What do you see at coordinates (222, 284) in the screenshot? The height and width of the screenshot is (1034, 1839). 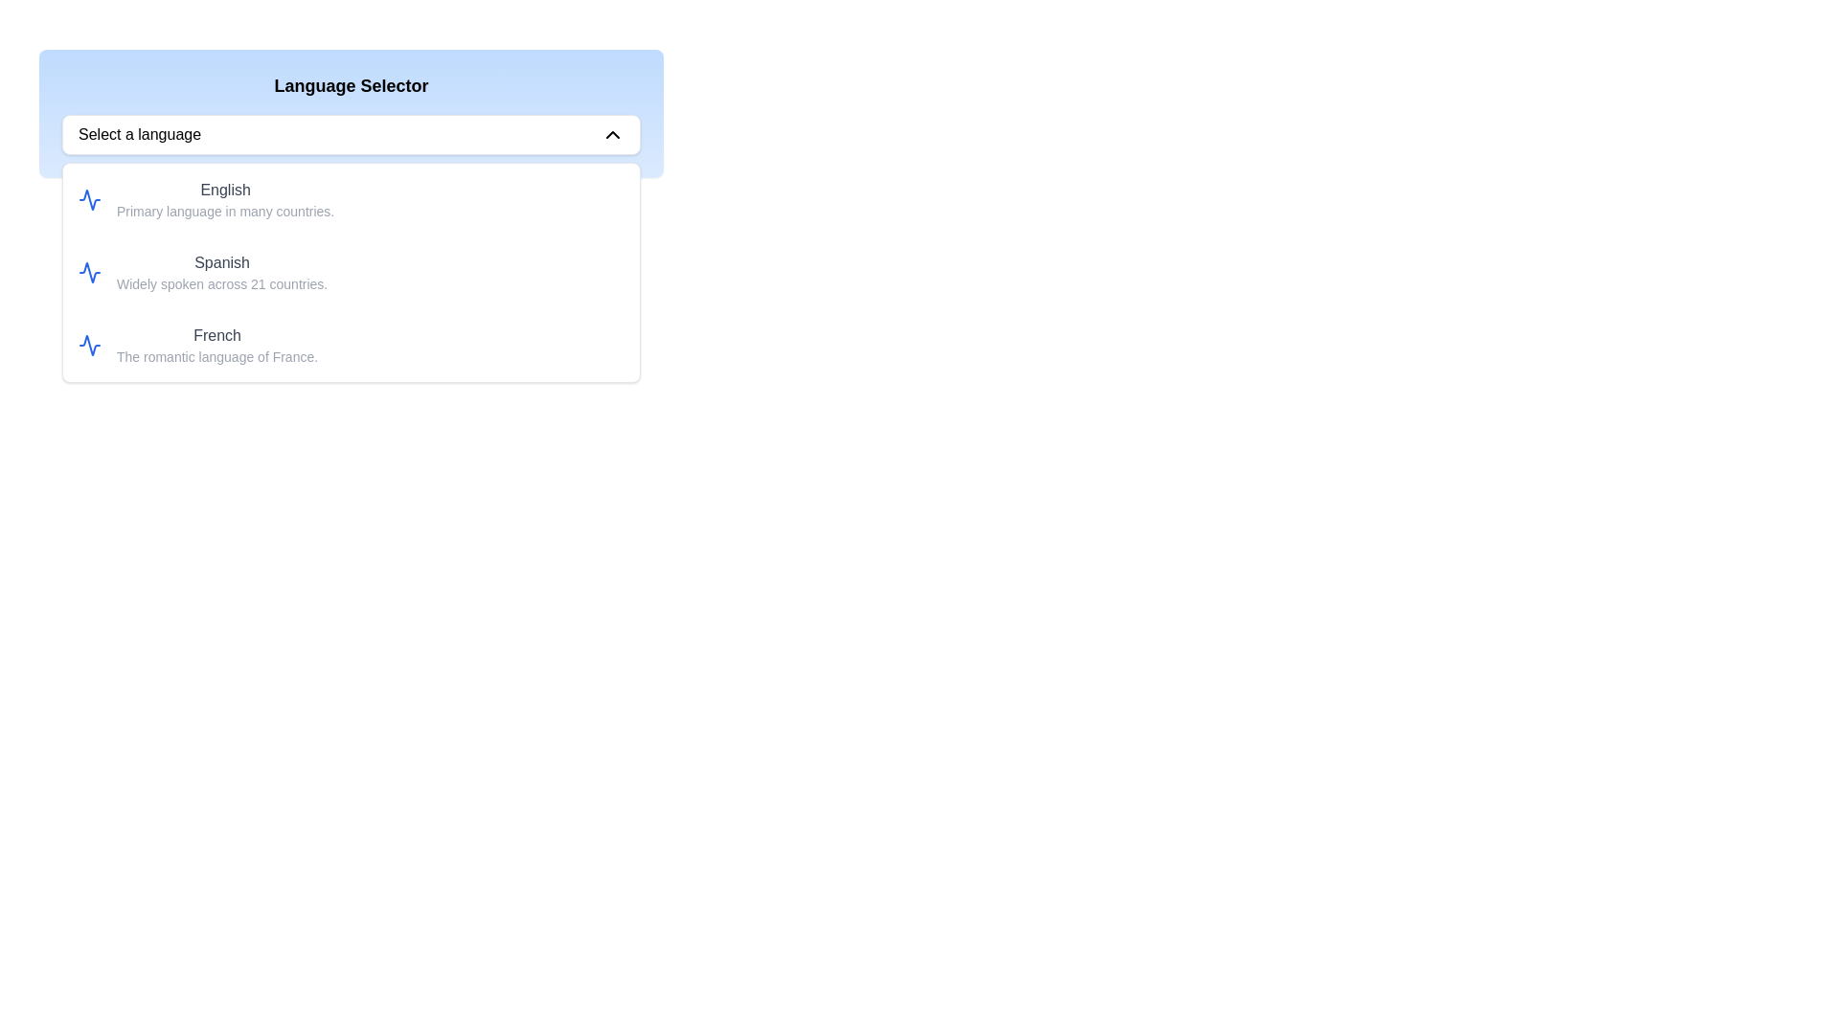 I see `the Text label that describes the language 'Spanish', which is the second description text within its group of languages` at bounding box center [222, 284].